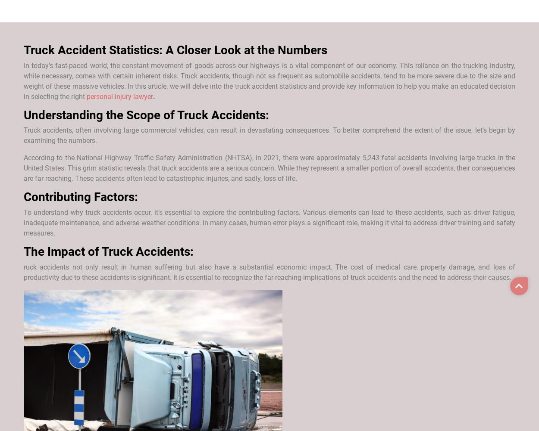 Image resolution: width=539 pixels, height=431 pixels. What do you see at coordinates (109, 251) in the screenshot?
I see `'The Impact of Truck Accidents:'` at bounding box center [109, 251].